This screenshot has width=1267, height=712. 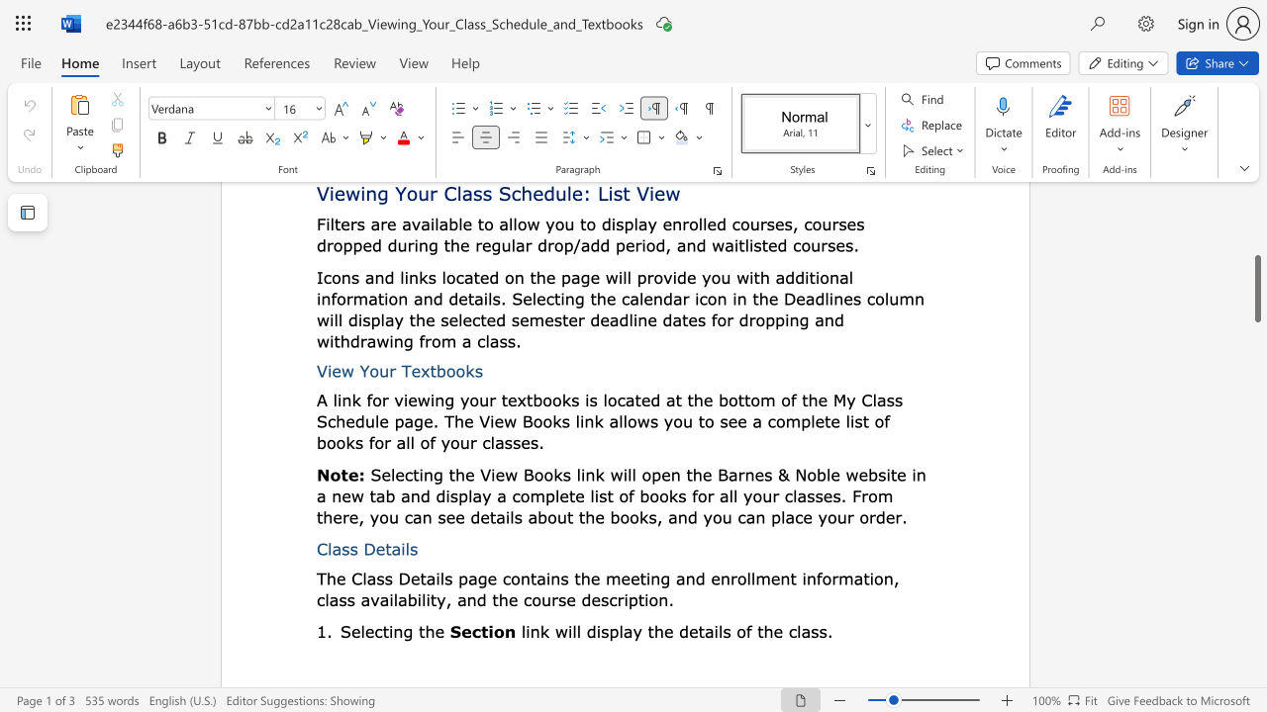 I want to click on the scrollbar and move down 2220 pixels, so click(x=1256, y=289).